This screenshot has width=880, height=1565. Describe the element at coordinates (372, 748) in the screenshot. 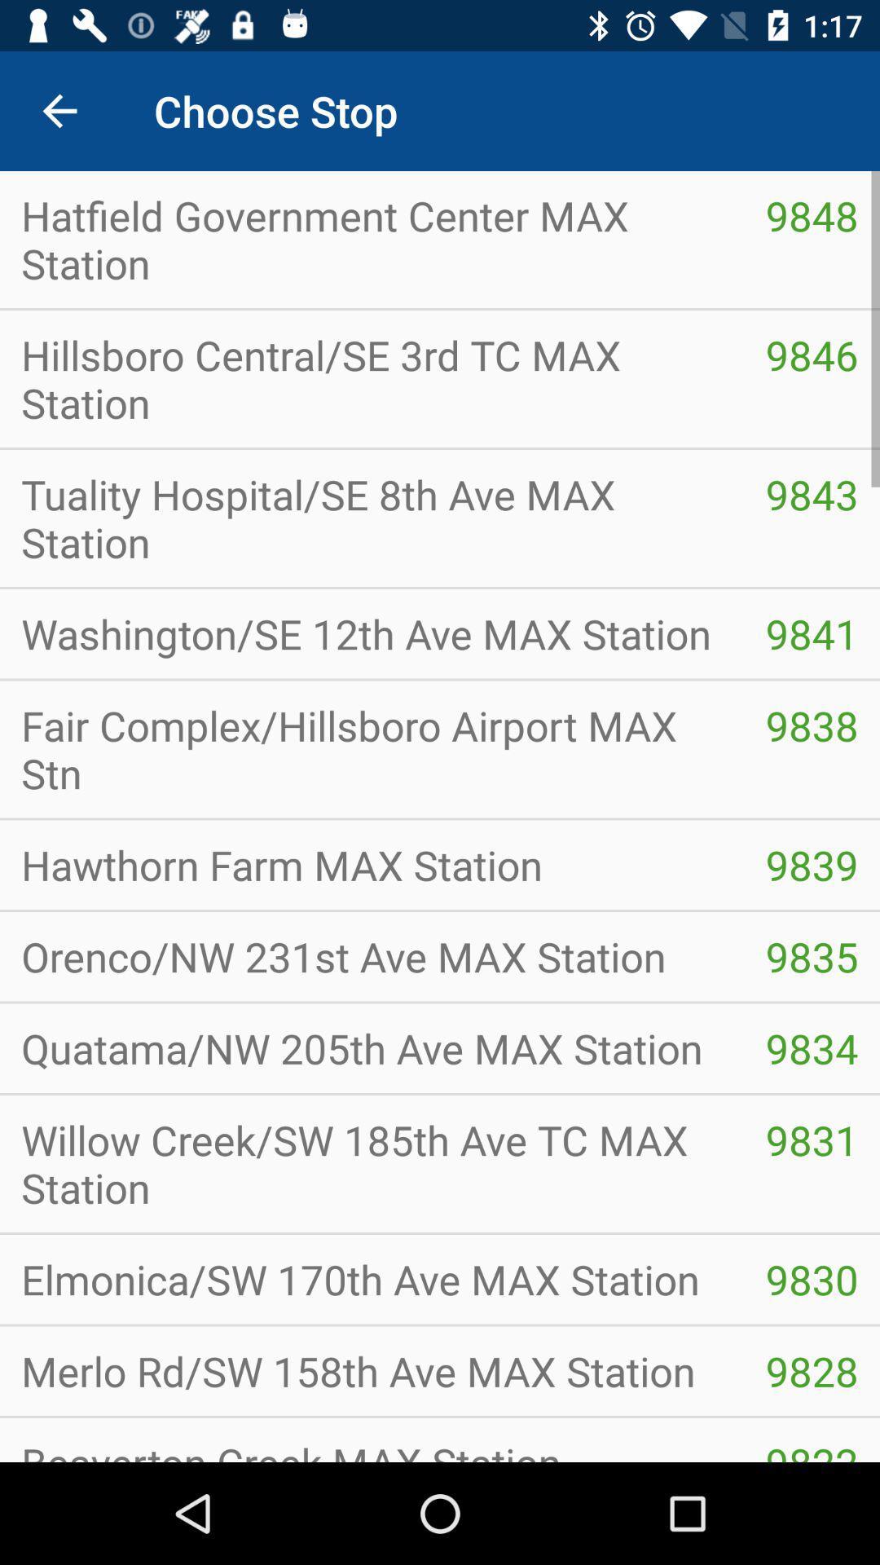

I see `the item to the left of 9841` at that location.